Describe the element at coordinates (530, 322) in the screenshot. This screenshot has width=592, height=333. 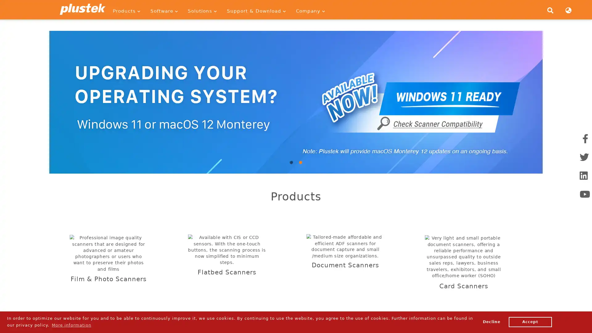
I see `dismiss cookie message` at that location.